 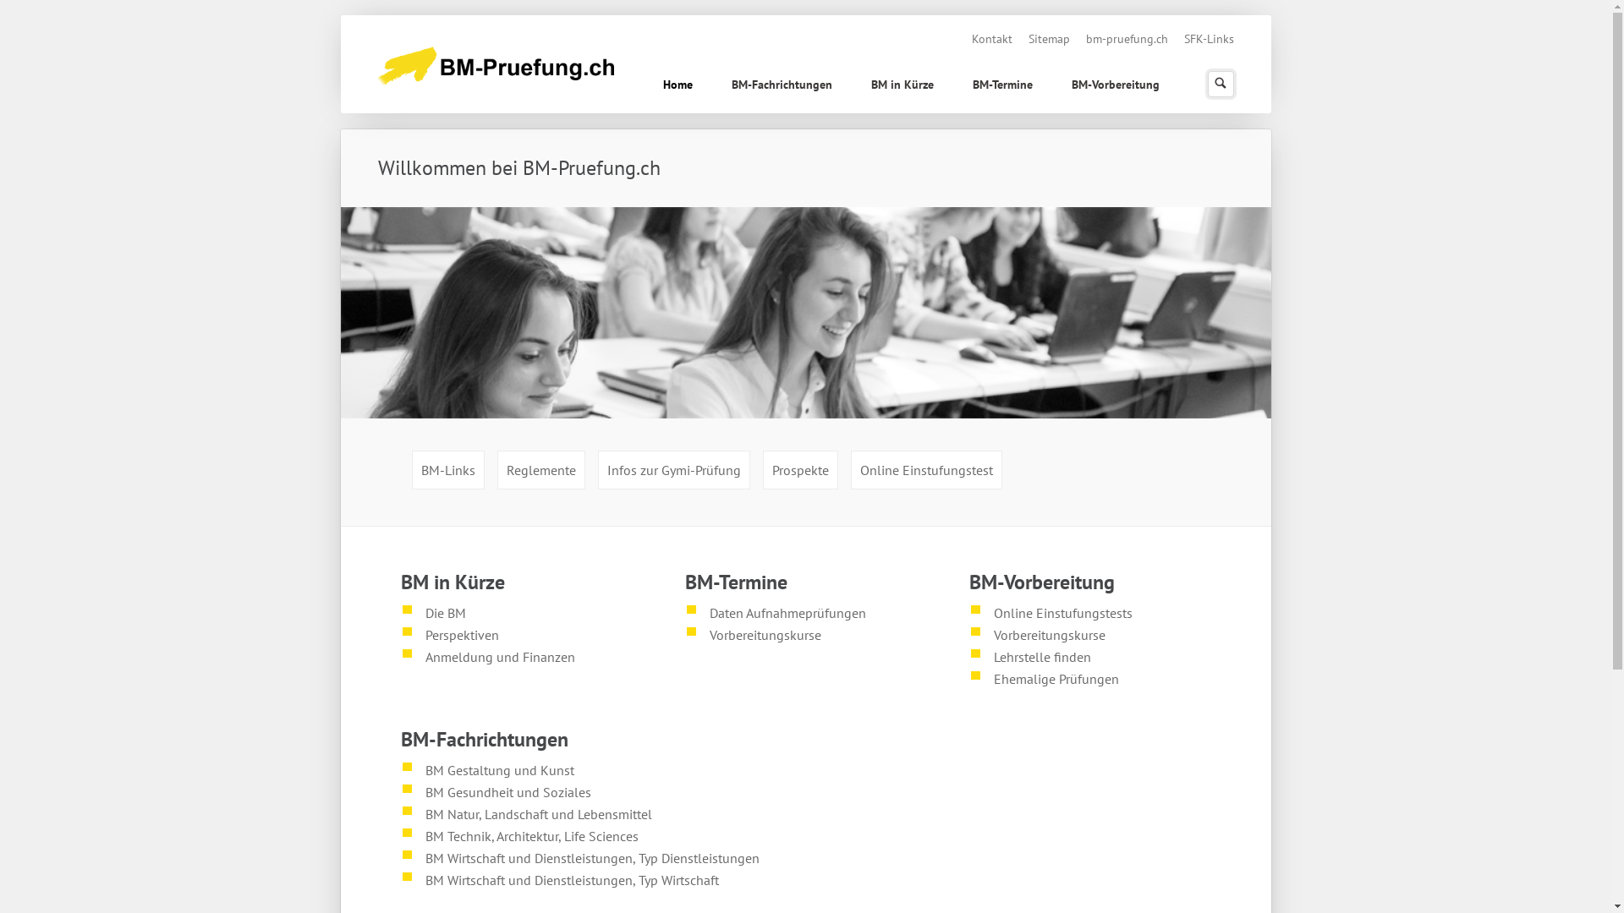 I want to click on 'BM Technik, Architektur, Life Sciences', so click(x=530, y=834).